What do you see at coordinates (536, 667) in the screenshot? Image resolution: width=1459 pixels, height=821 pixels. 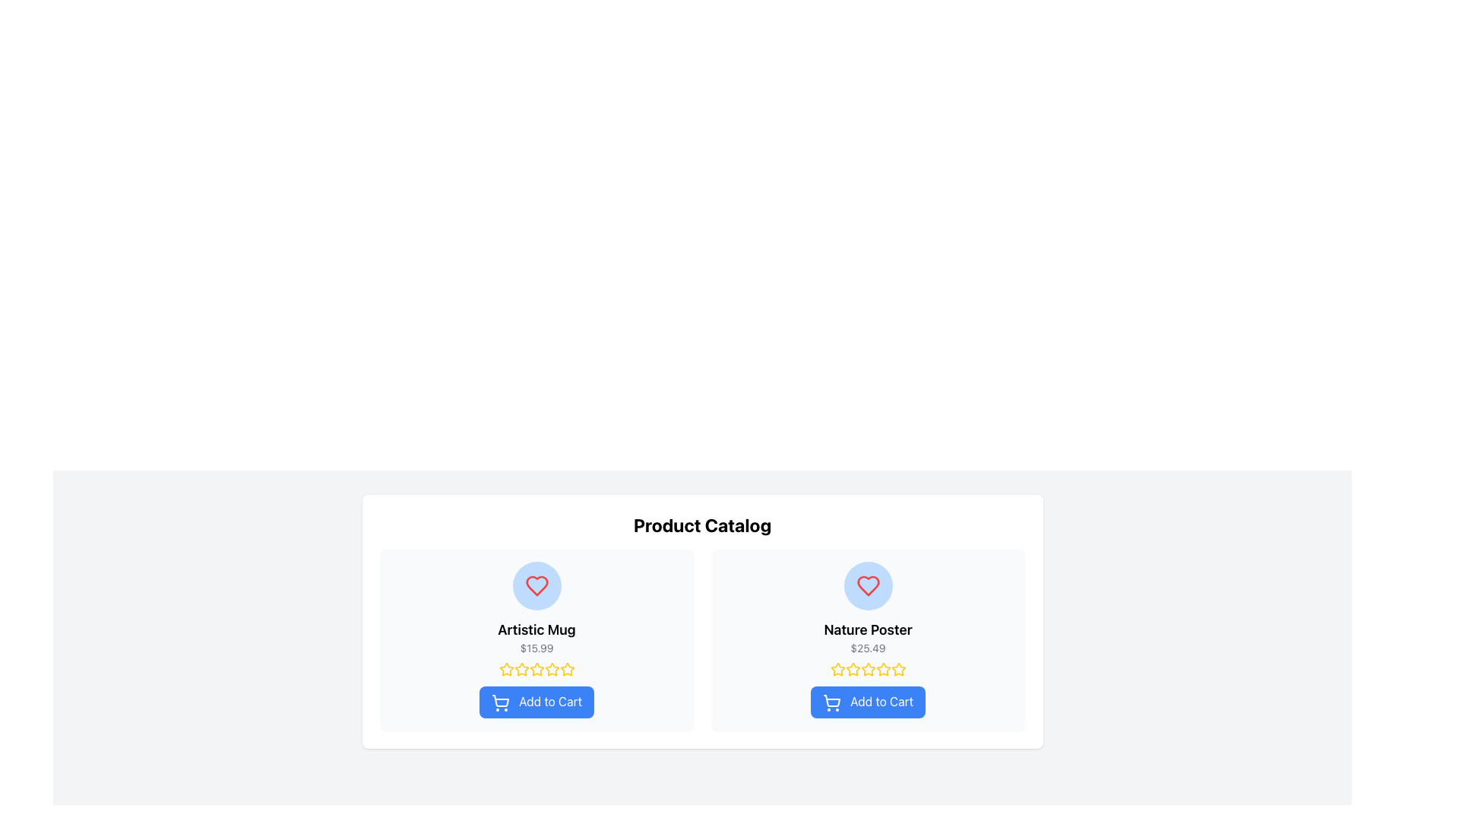 I see `the first rating star icon located under the product title 'Artistic Mug' and price '$15.99'` at bounding box center [536, 667].